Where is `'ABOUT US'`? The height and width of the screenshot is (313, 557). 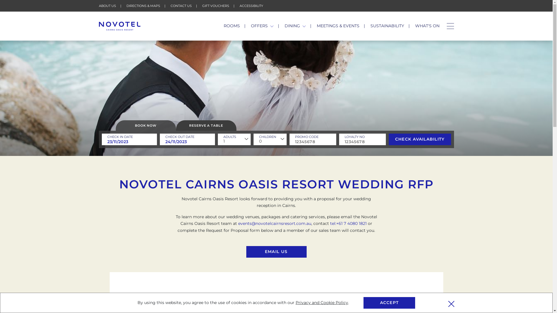 'ABOUT US' is located at coordinates (107, 6).